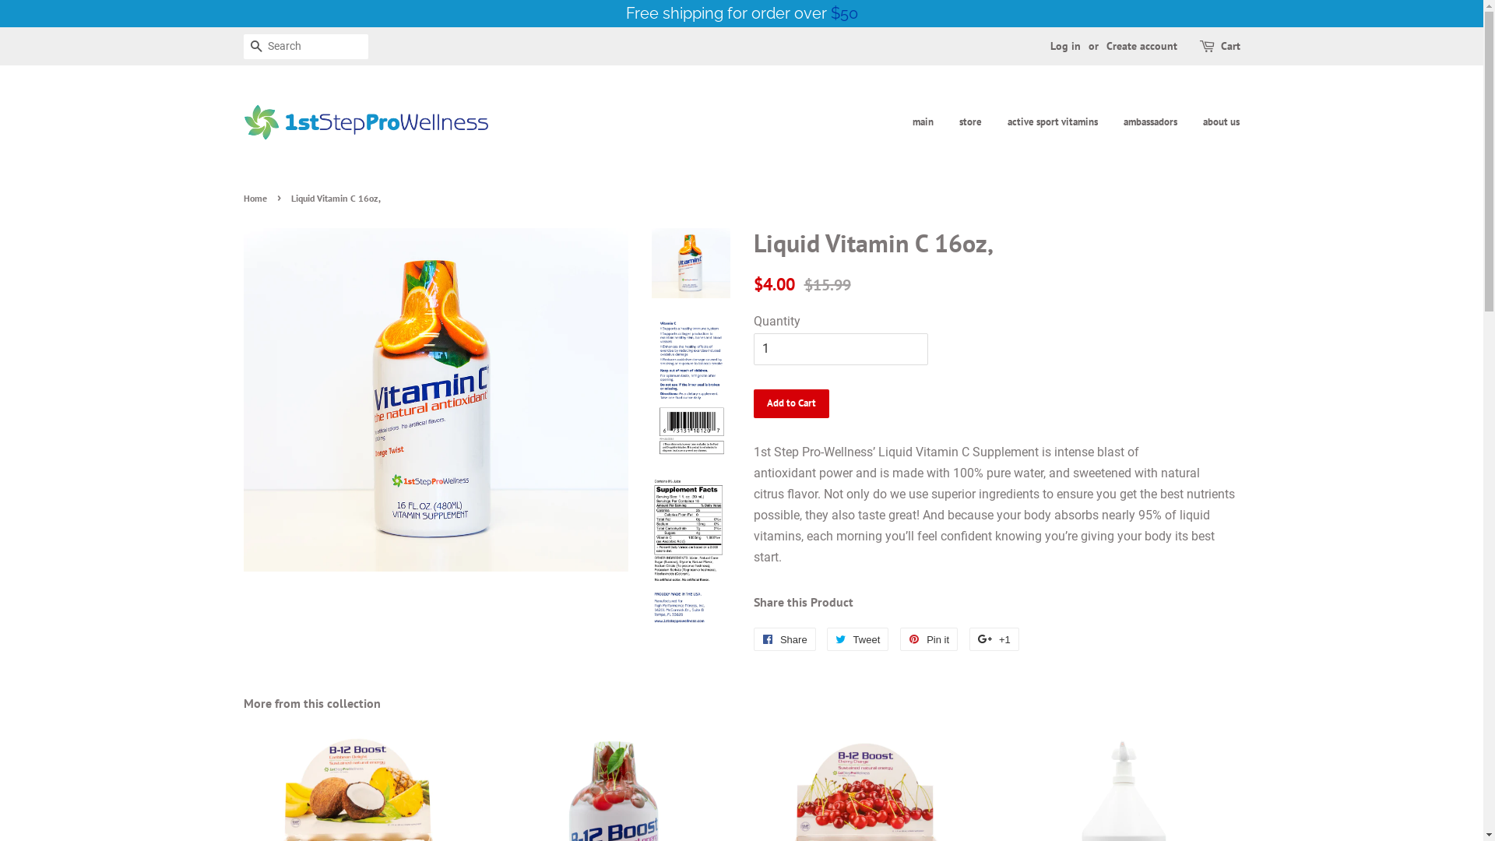 The image size is (1495, 841). I want to click on 'main', so click(912, 121).